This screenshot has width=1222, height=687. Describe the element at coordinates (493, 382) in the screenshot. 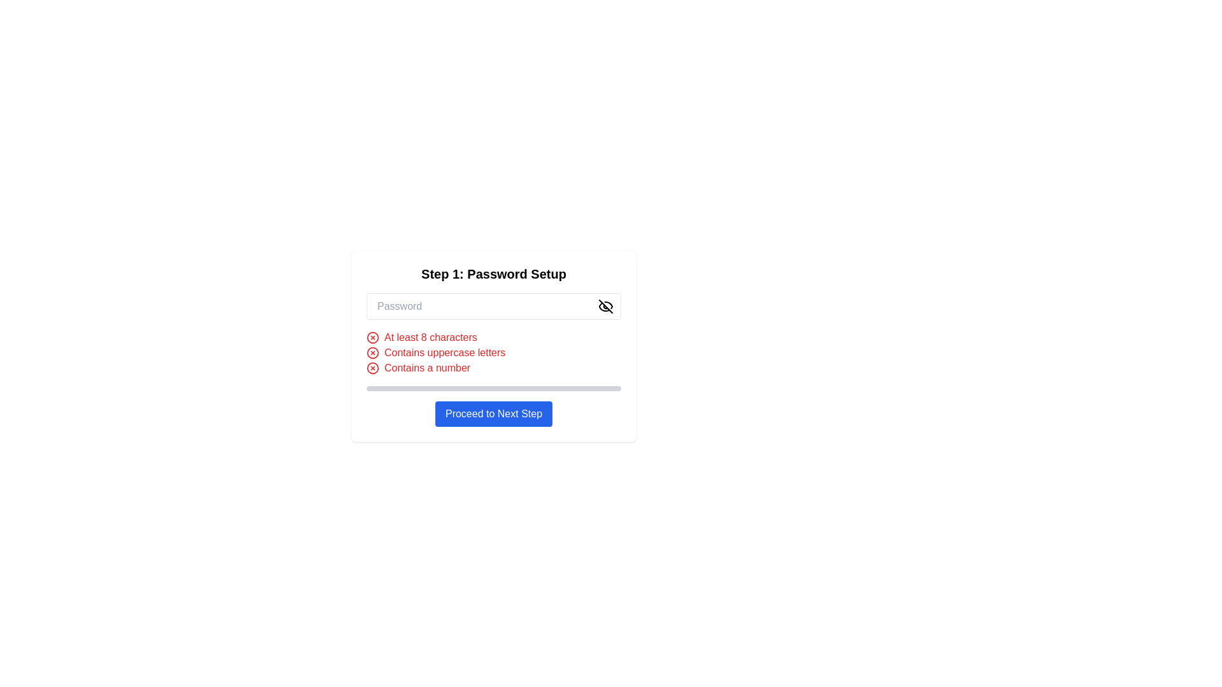

I see `the Progress Bar that indicates the status of the password setup process, positioned below the password requirements checklist and above the 'Proceed to Next Step' button` at that location.